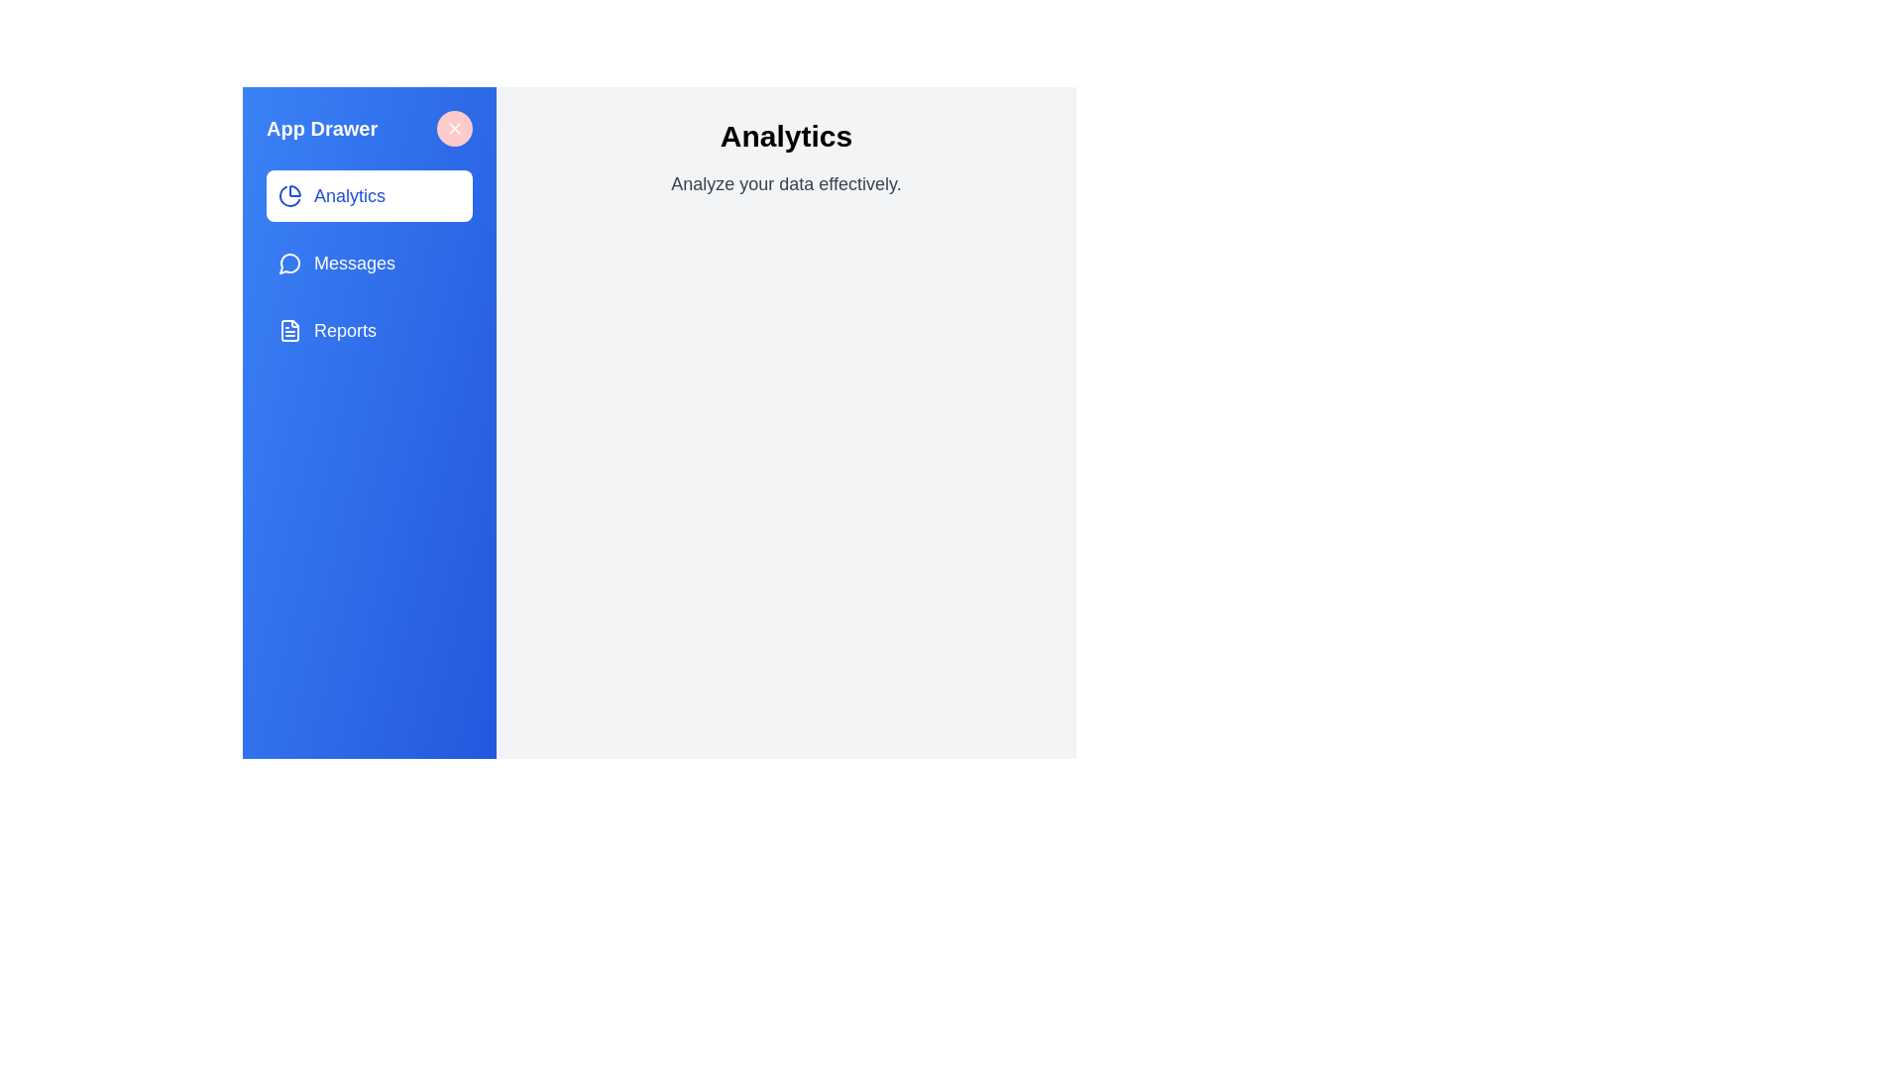  What do you see at coordinates (370, 330) in the screenshot?
I see `the menu option Reports` at bounding box center [370, 330].